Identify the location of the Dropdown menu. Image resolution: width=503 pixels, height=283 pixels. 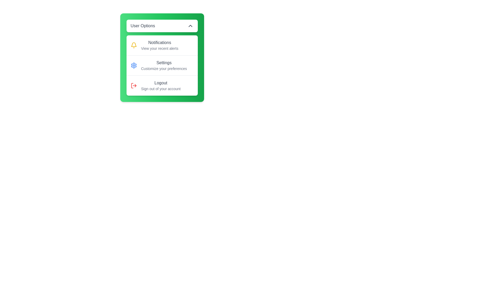
(162, 57).